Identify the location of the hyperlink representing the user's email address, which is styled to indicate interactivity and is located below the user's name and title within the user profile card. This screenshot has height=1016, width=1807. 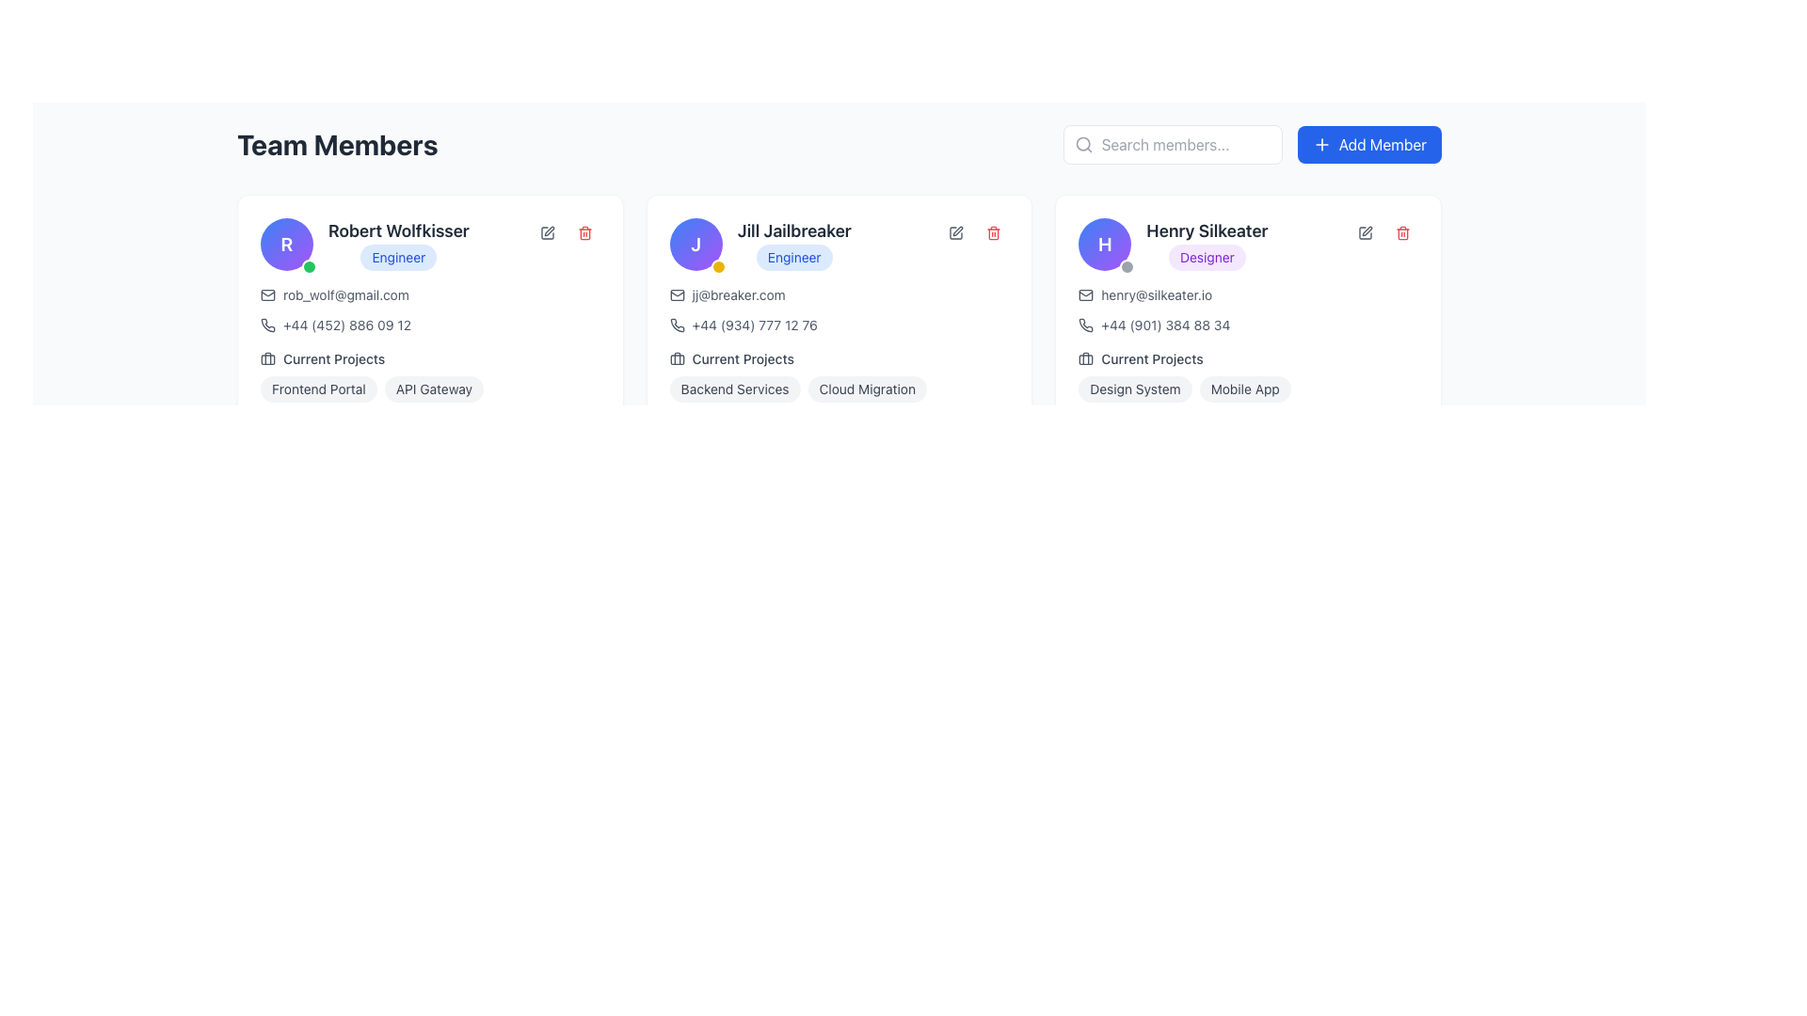
(345, 294).